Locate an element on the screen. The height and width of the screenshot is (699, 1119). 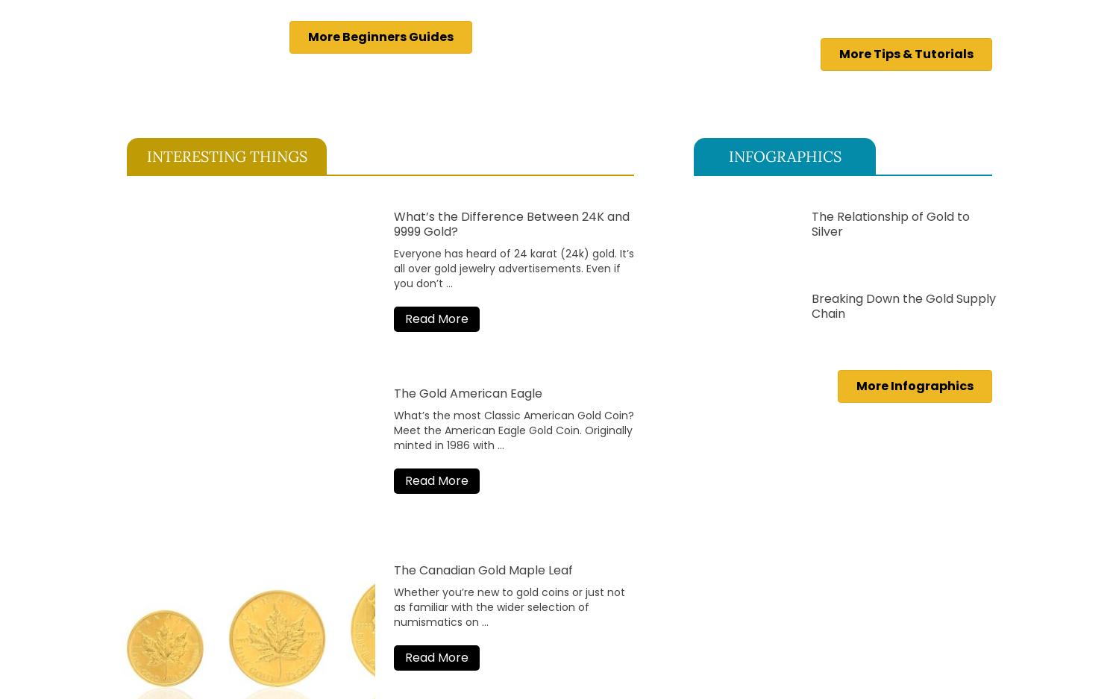
'What’s the most Classic American Gold' is located at coordinates (498, 415).